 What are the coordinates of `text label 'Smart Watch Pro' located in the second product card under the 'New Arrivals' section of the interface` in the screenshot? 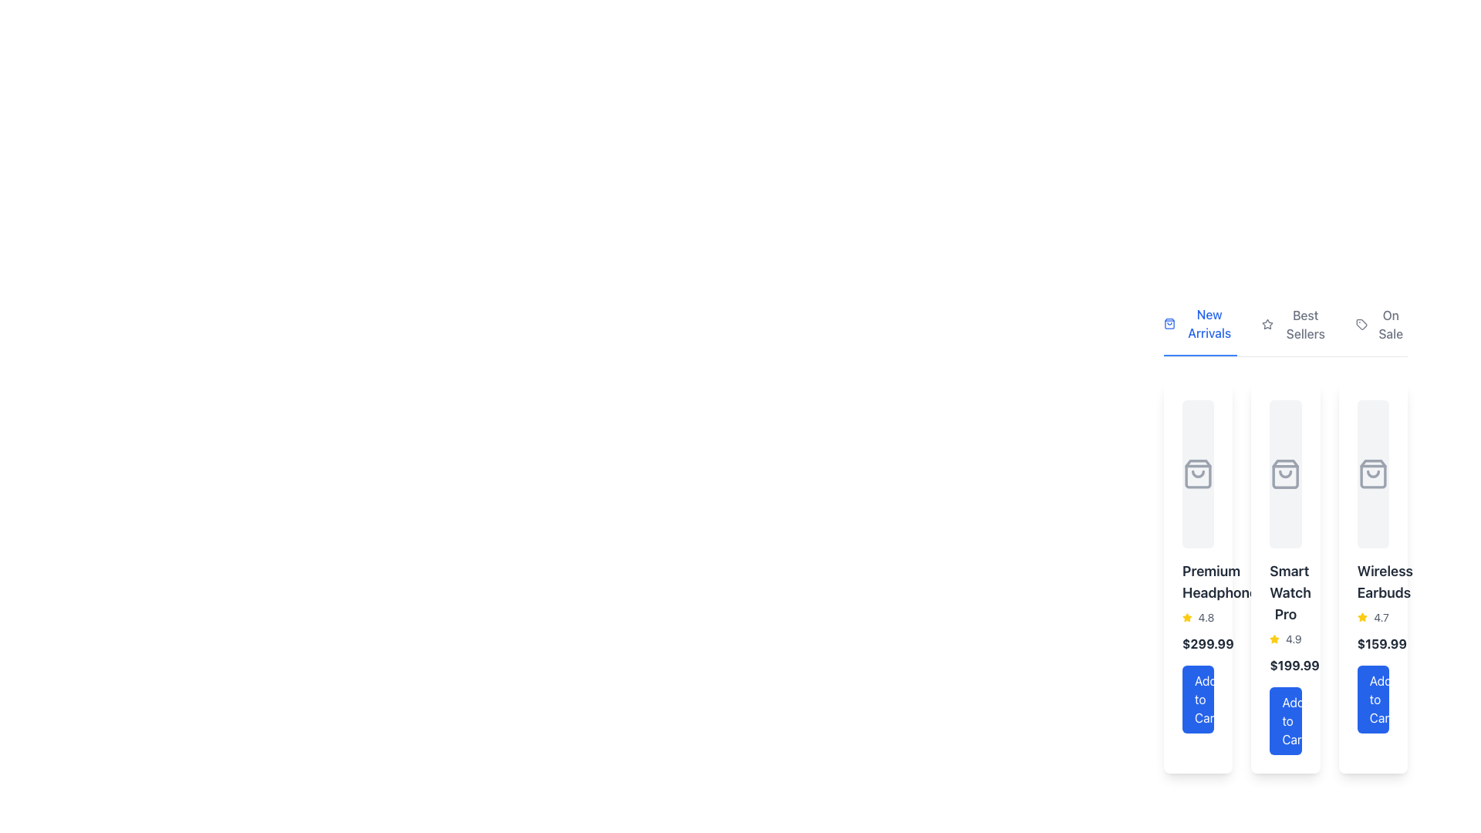 It's located at (1285, 592).